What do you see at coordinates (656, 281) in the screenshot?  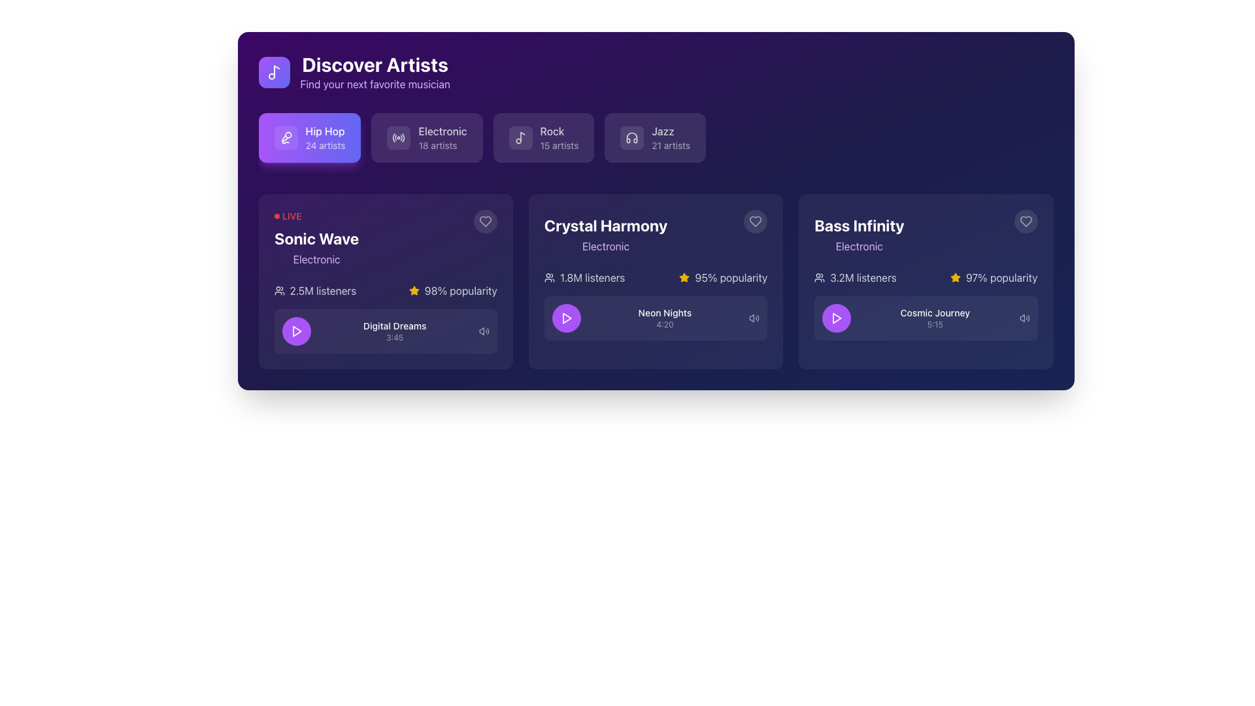 I see `the Interactive Card representing an artist or music album, which is the second card in a 3-column layout` at bounding box center [656, 281].